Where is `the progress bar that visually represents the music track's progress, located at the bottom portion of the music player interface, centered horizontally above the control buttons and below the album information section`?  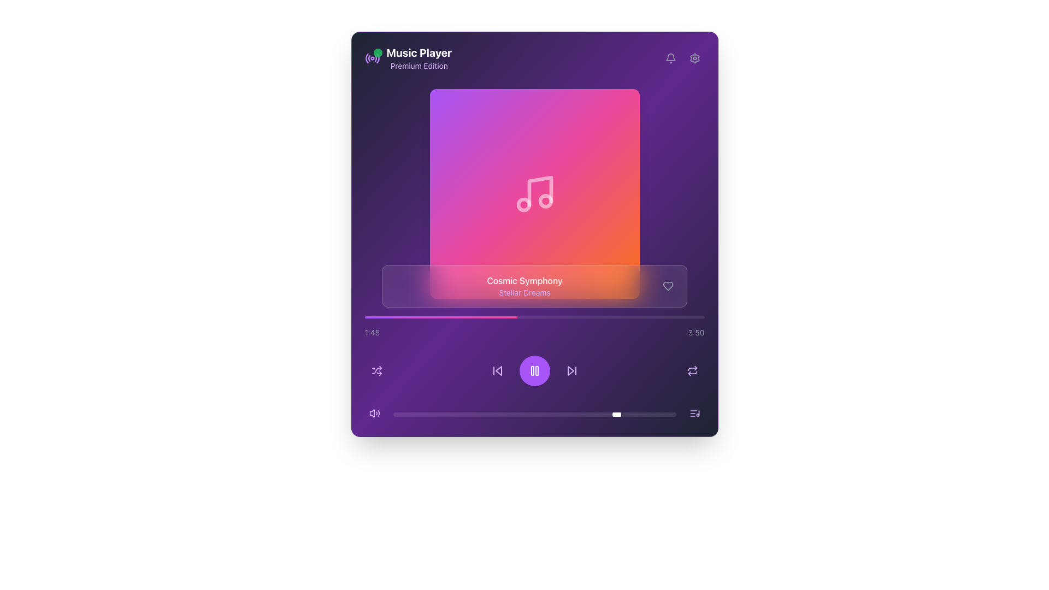 the progress bar that visually represents the music track's progress, located at the bottom portion of the music player interface, centered horizontally above the control buttons and below the album information section is located at coordinates (534, 326).